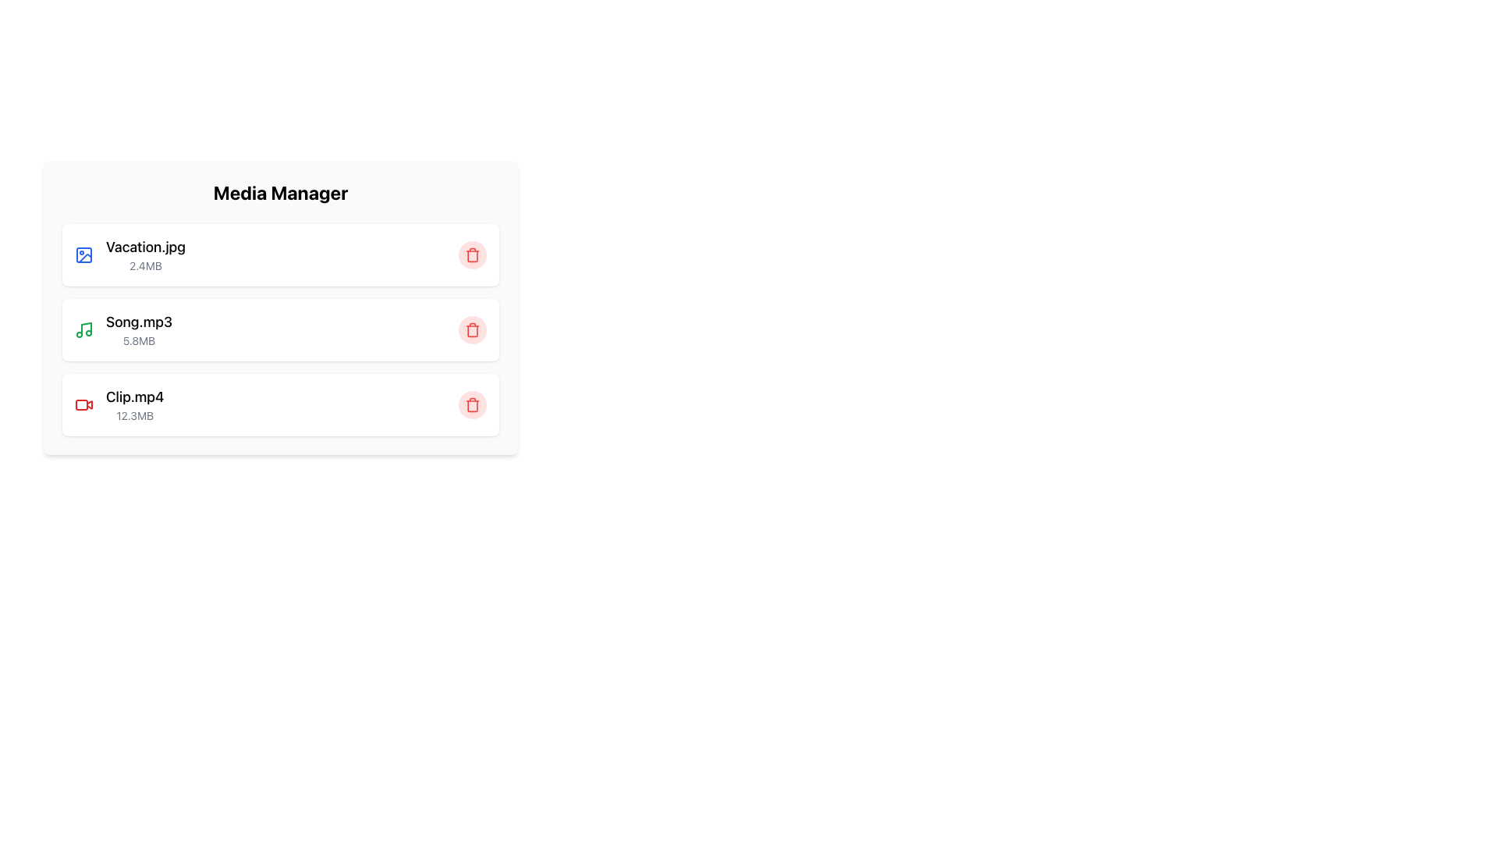 This screenshot has width=1498, height=843. What do you see at coordinates (83, 329) in the screenshot?
I see `the green musical note icon located to the left of the 'Song.mp3' entry in the media list` at bounding box center [83, 329].